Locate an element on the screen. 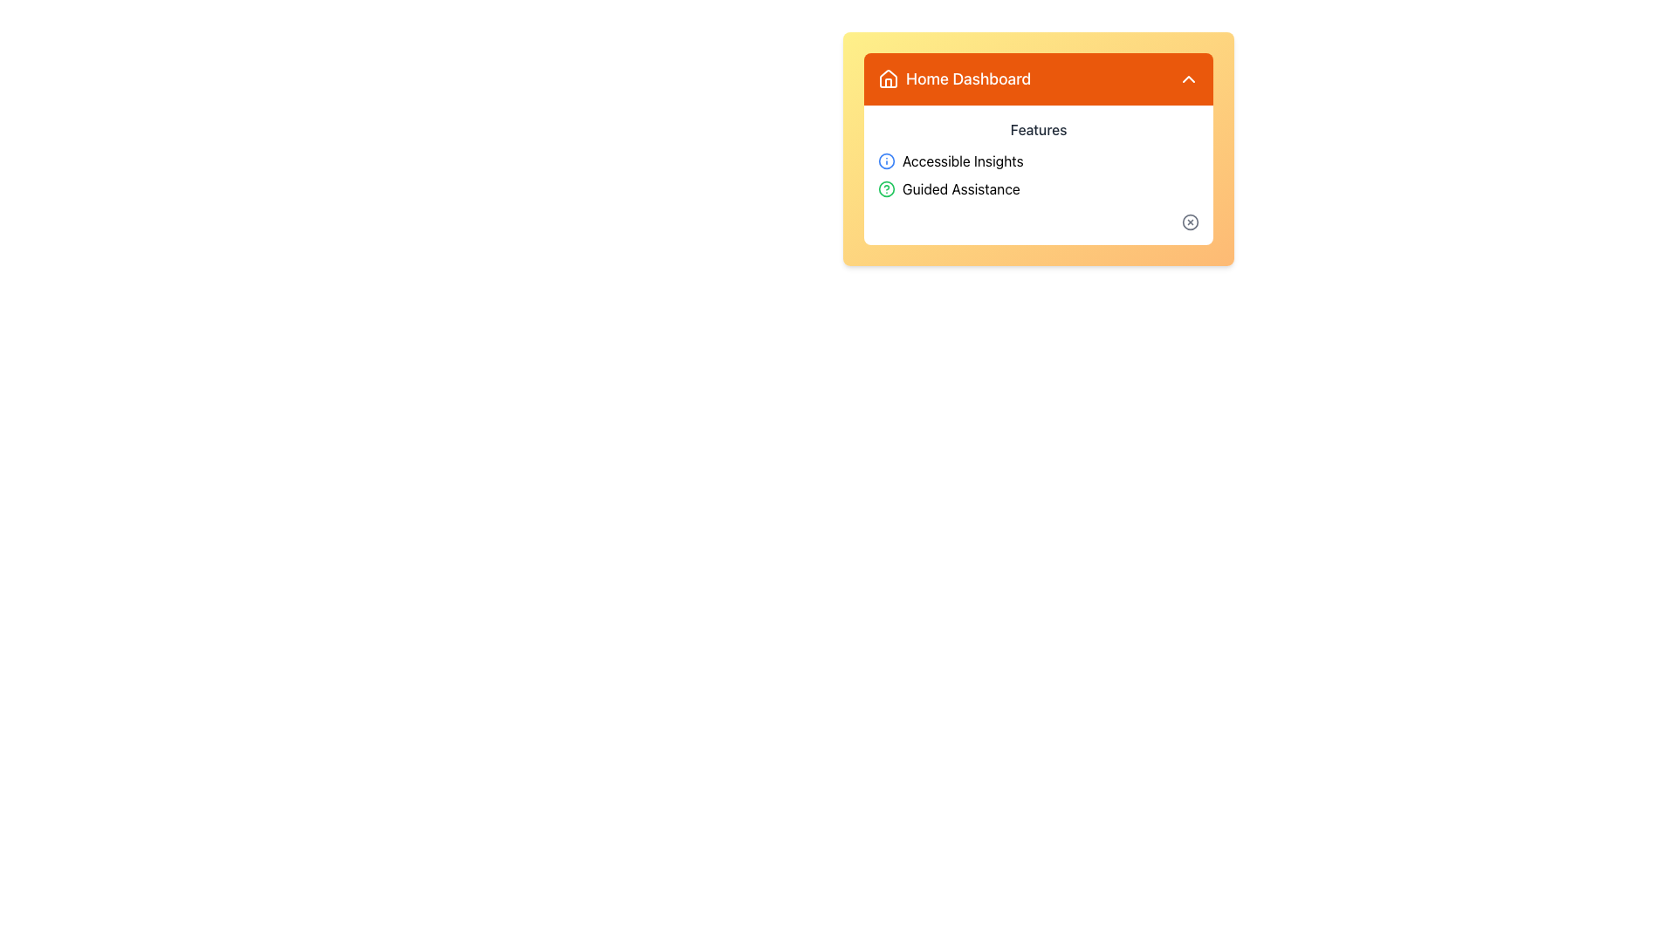 The height and width of the screenshot is (942, 1676). the 'Accessible Insights' text label located under the 'Features' section is located at coordinates (962, 161).